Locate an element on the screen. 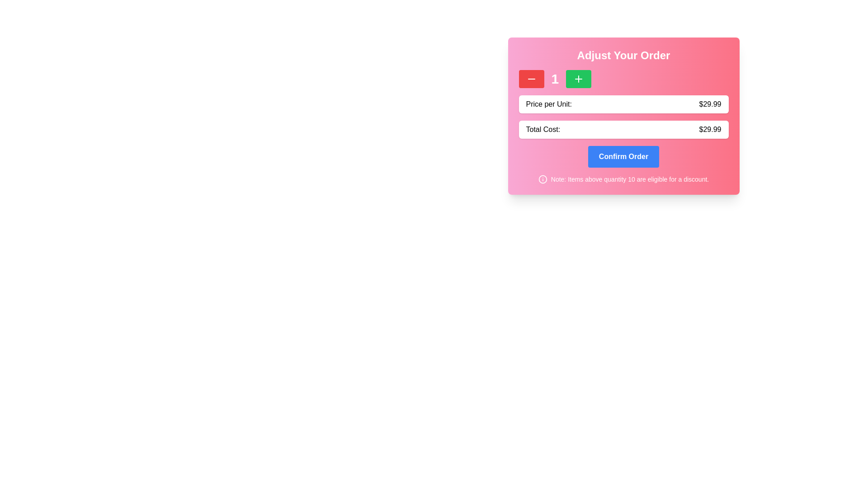  the green button with a white plus sign is located at coordinates (579, 78).